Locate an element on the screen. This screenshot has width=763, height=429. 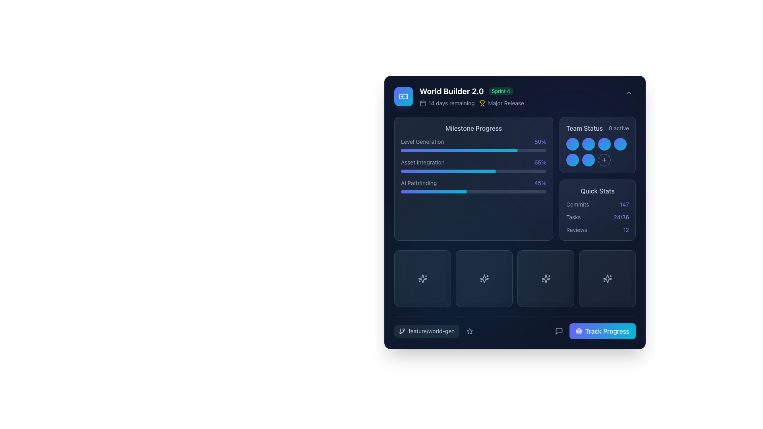
the graphical icon resembling a branch structure, which is styled in white and located within a darker, rounded rectangular button in the bottom-left section of the interface, directly below four square icons is located at coordinates (402, 331).